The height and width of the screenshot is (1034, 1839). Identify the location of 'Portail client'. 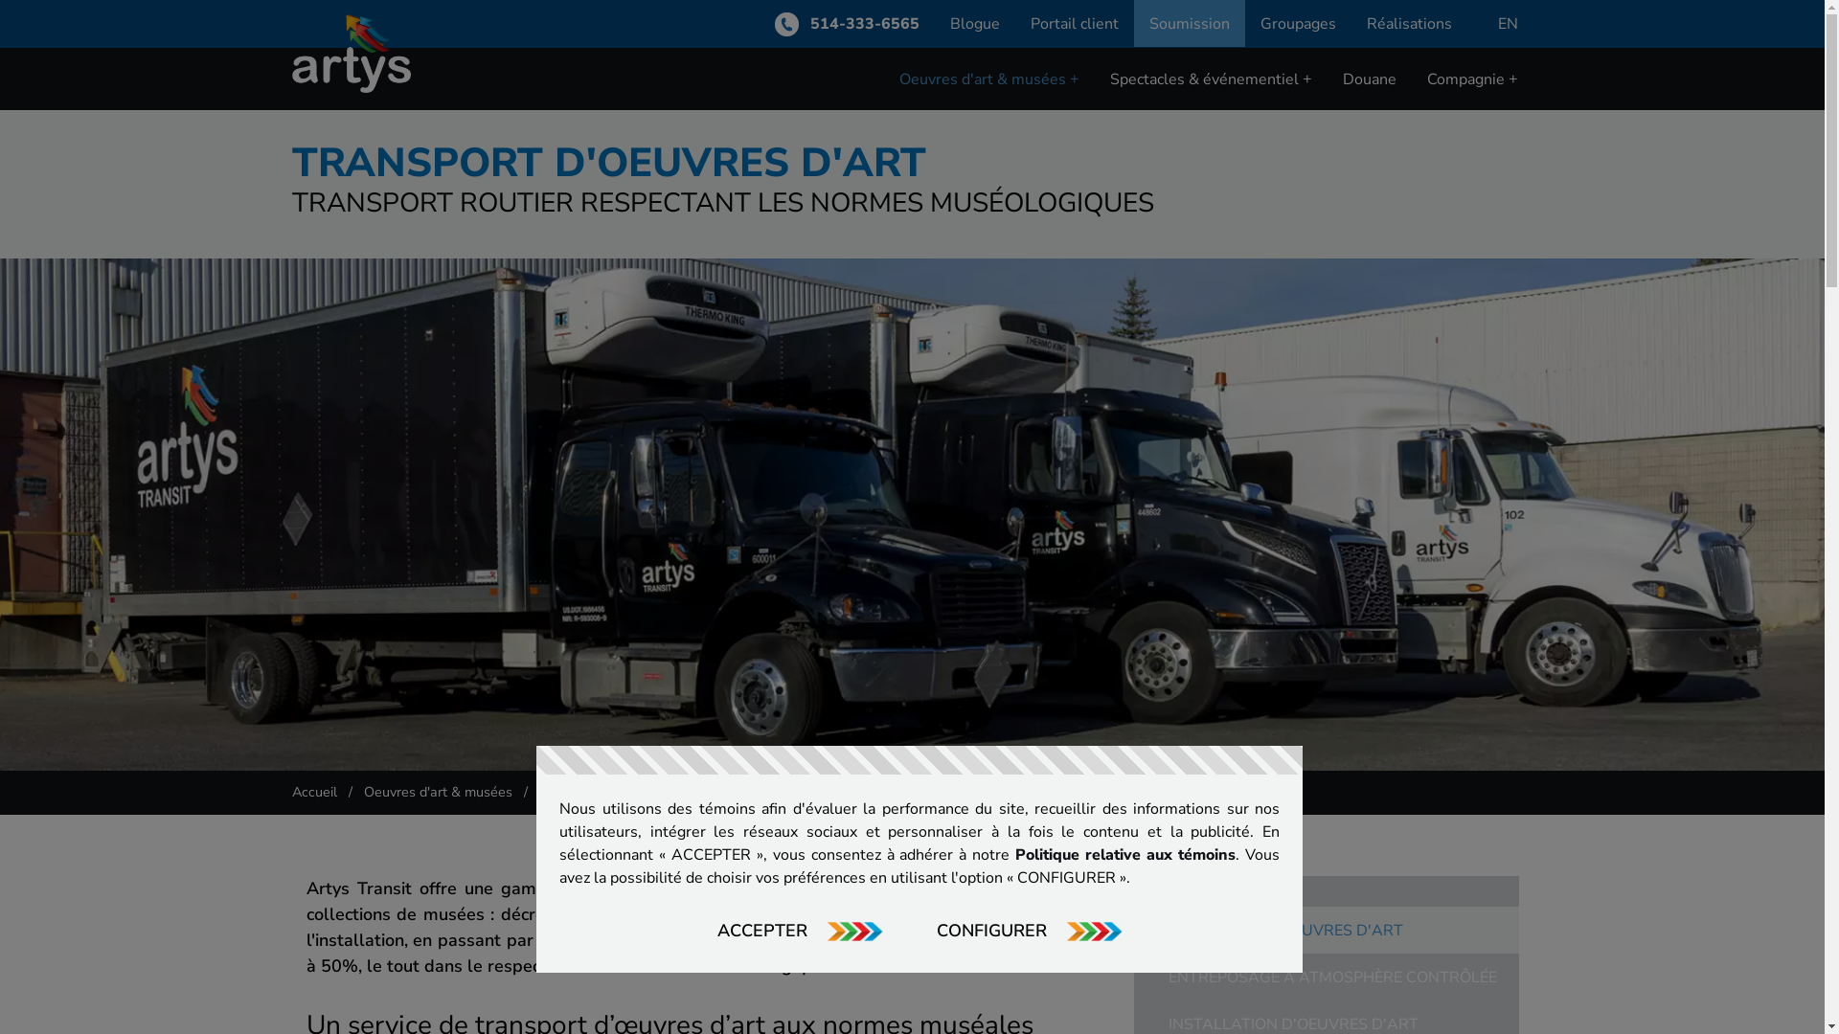
(1075, 23).